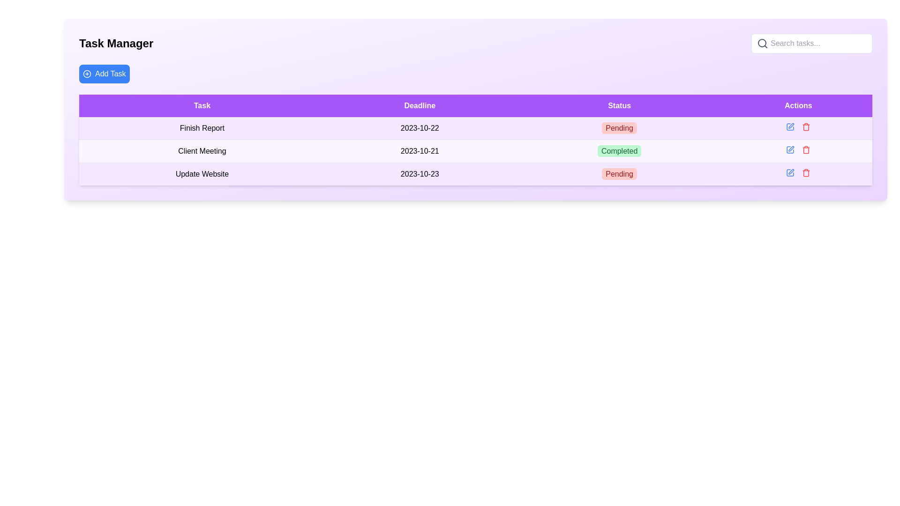  What do you see at coordinates (791, 148) in the screenshot?
I see `the small pen-like edit icon located under the 'Actions' column of the second row in the task manager table` at bounding box center [791, 148].